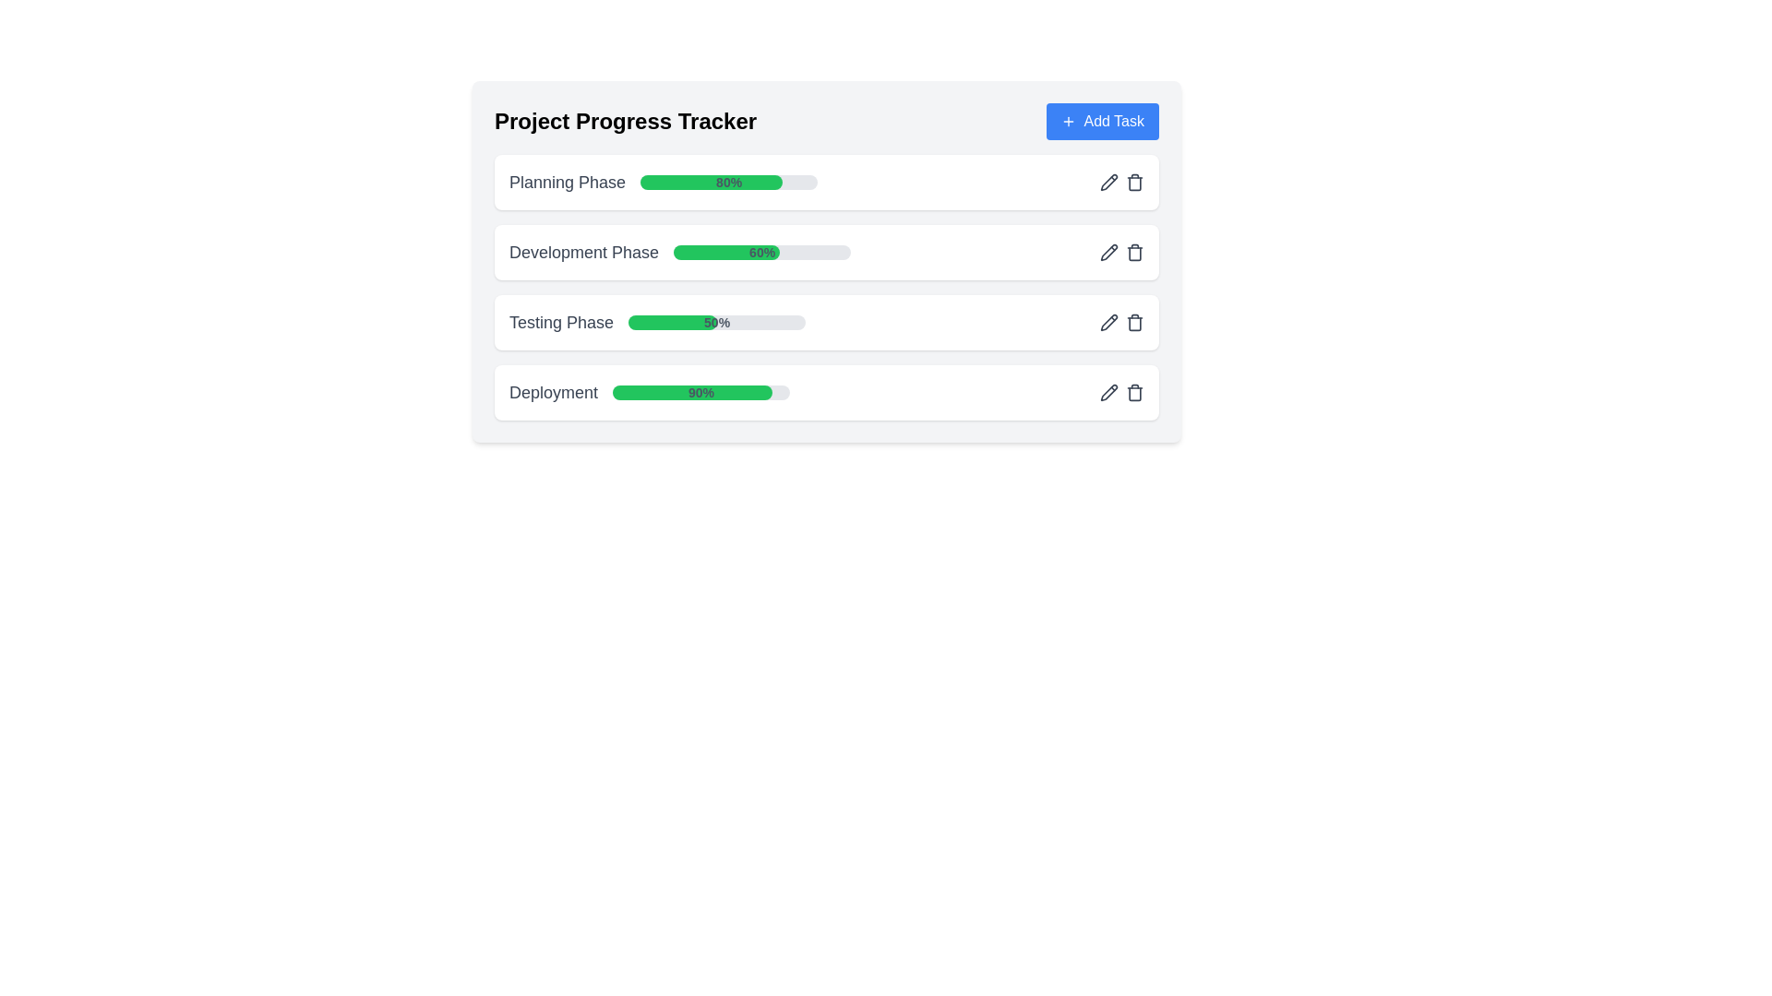 This screenshot has height=996, width=1772. What do you see at coordinates (1107, 182) in the screenshot?
I see `the pencil icon button located in the horizontal control group to the right of the task row to initiate task editing` at bounding box center [1107, 182].